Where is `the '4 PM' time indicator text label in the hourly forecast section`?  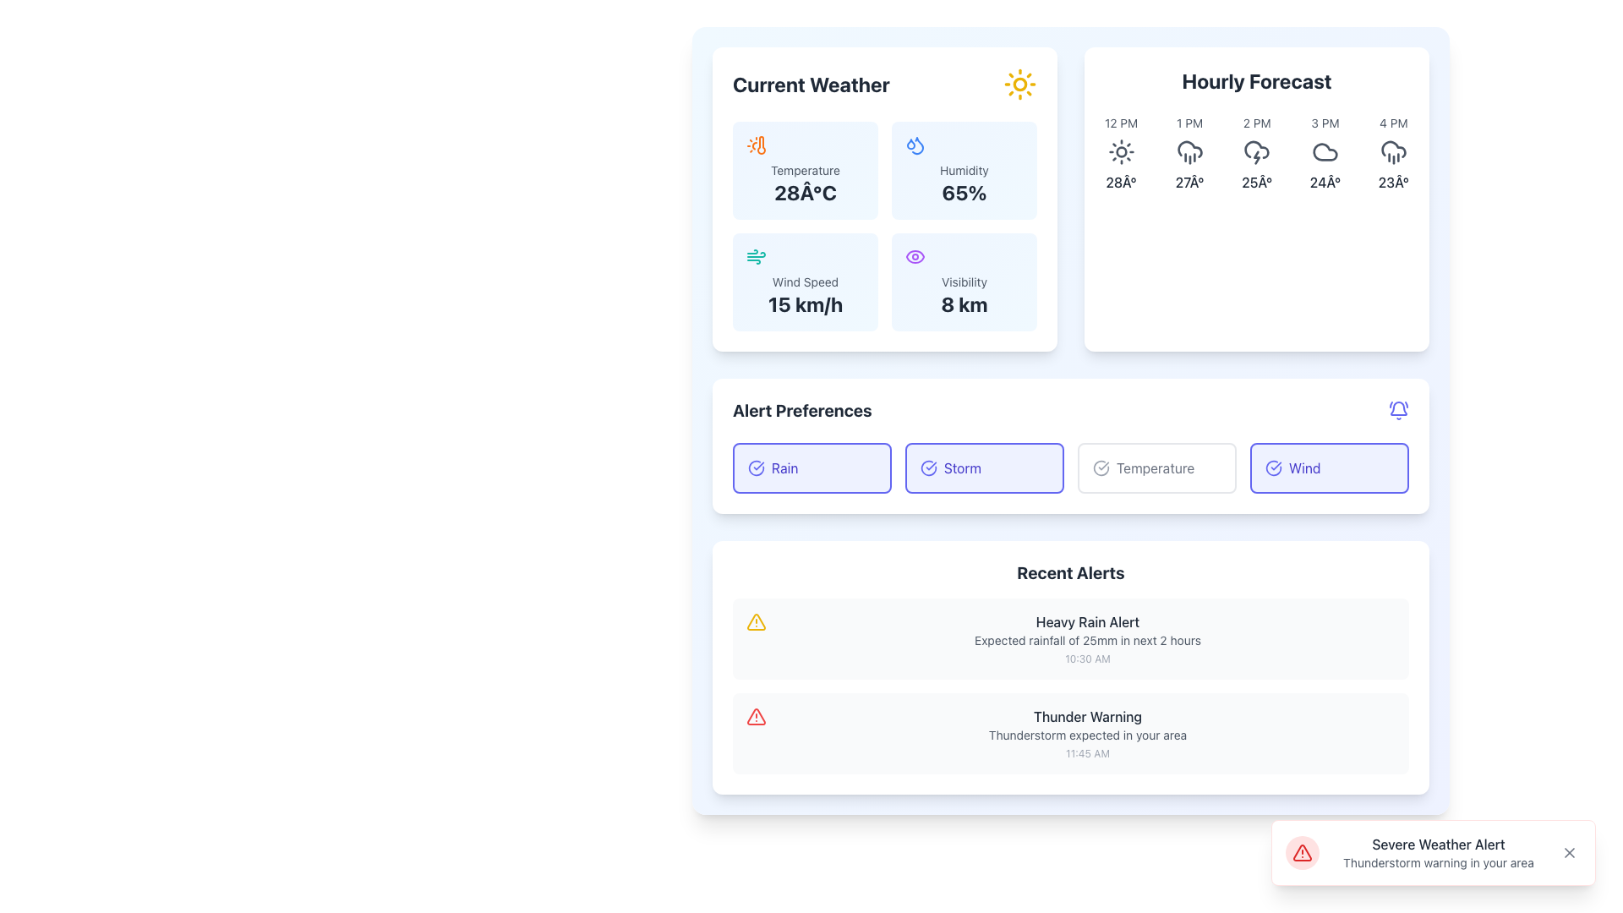
the '4 PM' time indicator text label in the hourly forecast section is located at coordinates (1393, 123).